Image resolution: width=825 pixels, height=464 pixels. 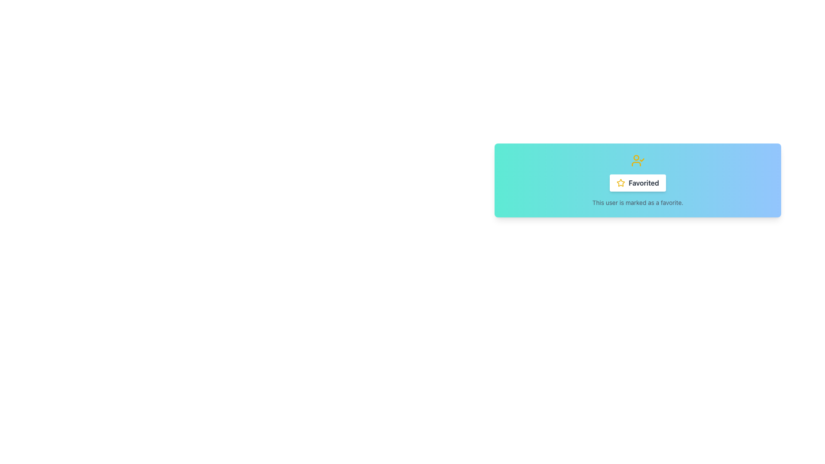 What do you see at coordinates (638, 161) in the screenshot?
I see `the favorite icon located above the 'Favorited' label and button in the center of the card element` at bounding box center [638, 161].